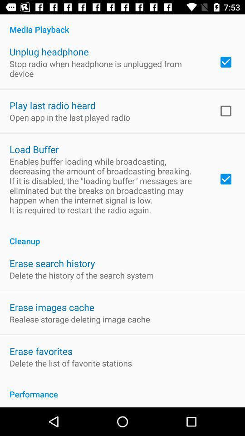 The height and width of the screenshot is (436, 245). I want to click on the item below delete the list, so click(122, 389).